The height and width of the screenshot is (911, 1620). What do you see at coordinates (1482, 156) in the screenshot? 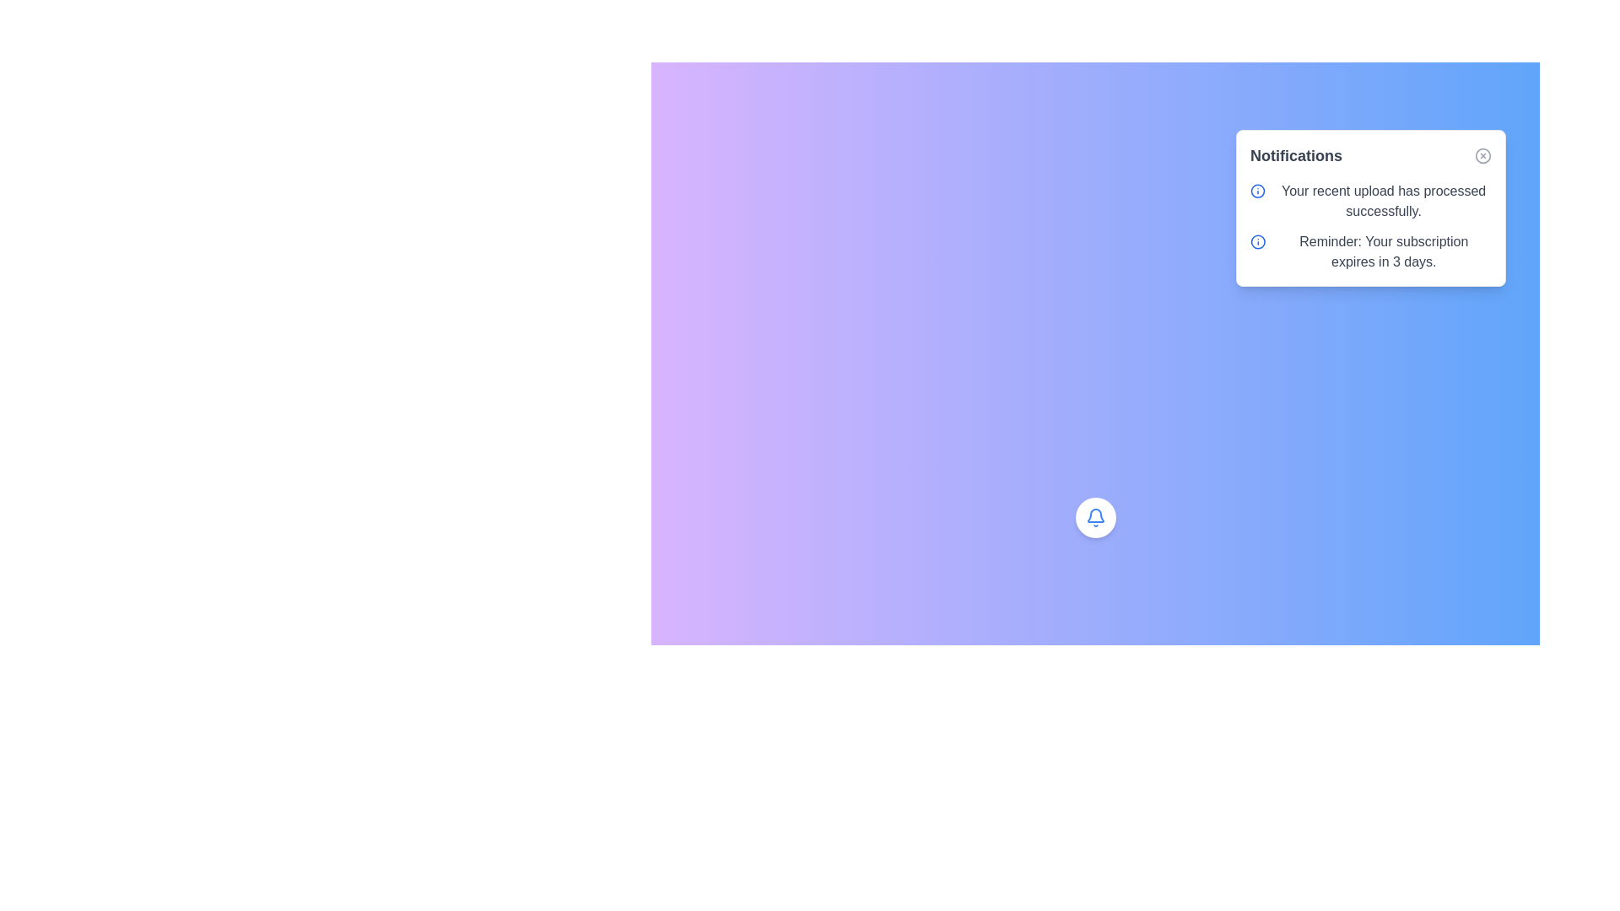
I see `the close button located at the top-right corner of the notification card` at bounding box center [1482, 156].